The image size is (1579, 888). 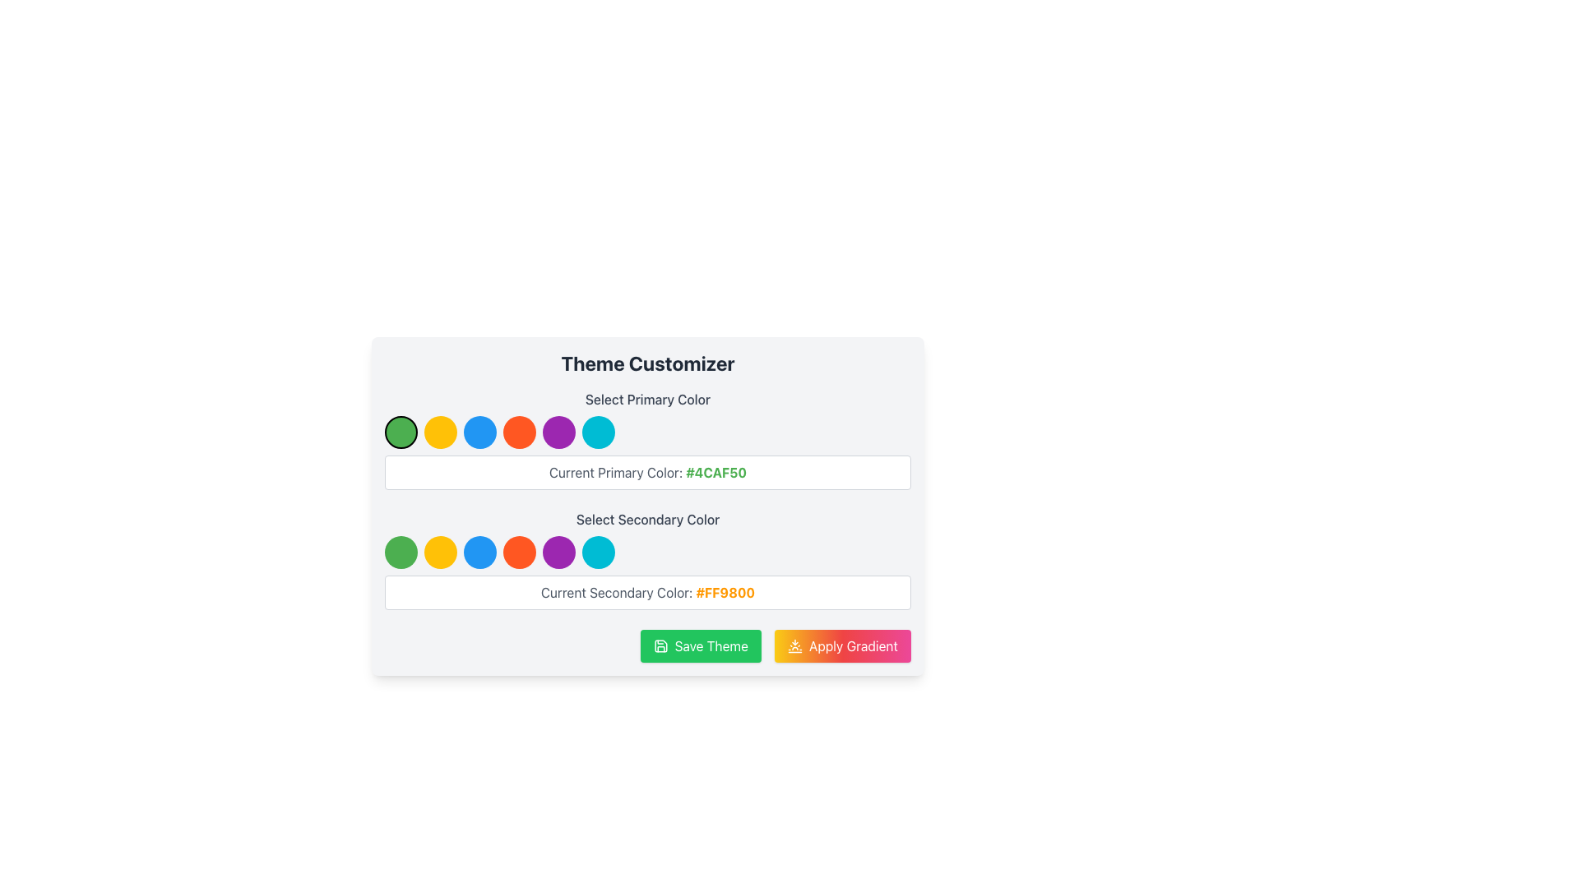 I want to click on the sixth circular button in the 'Select Secondary Color' section, so click(x=598, y=552).